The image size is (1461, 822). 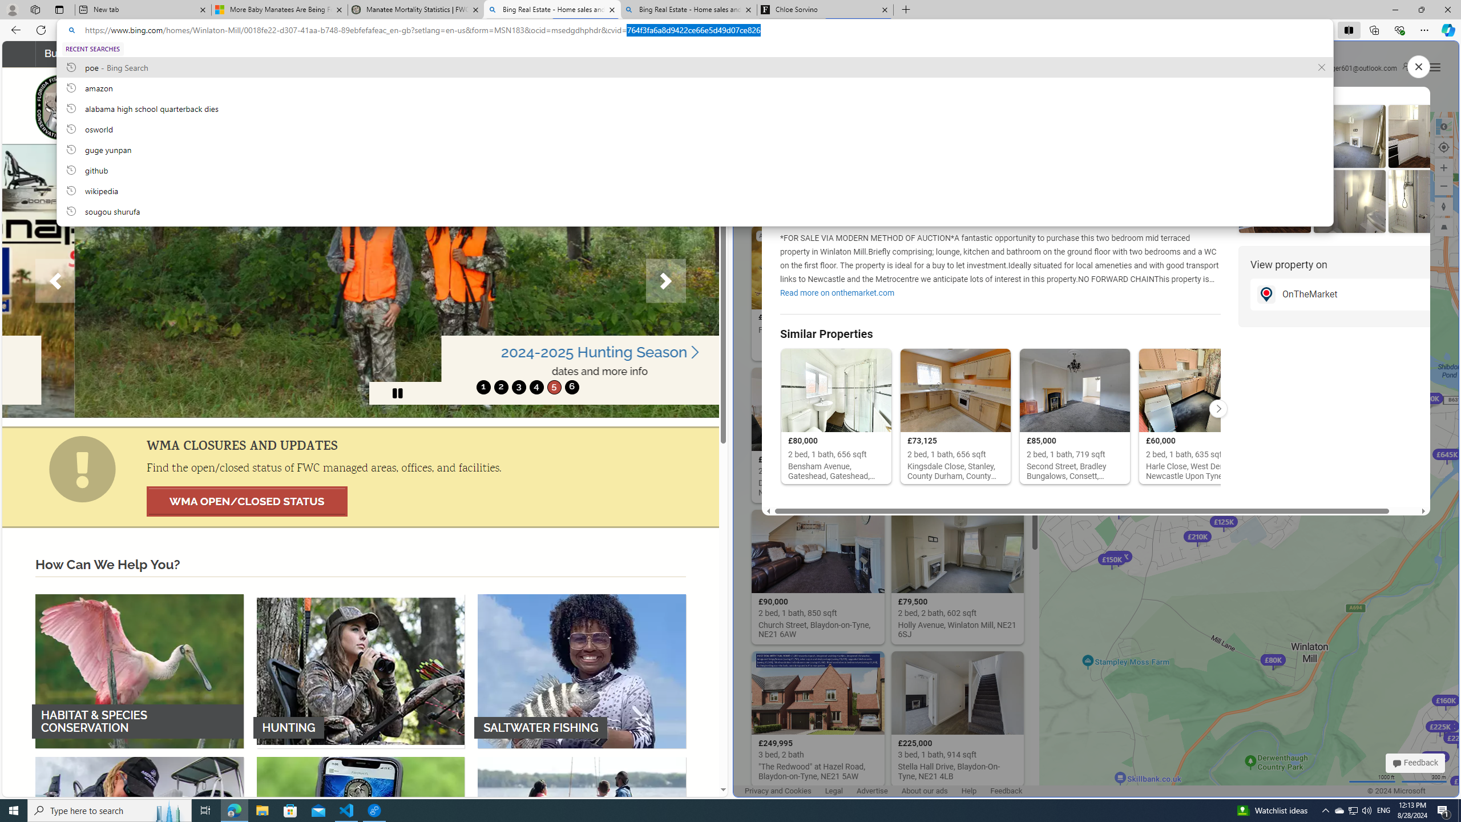 I want to click on 'HABITAT & SPECIES CONSERVATION', so click(x=139, y=671).